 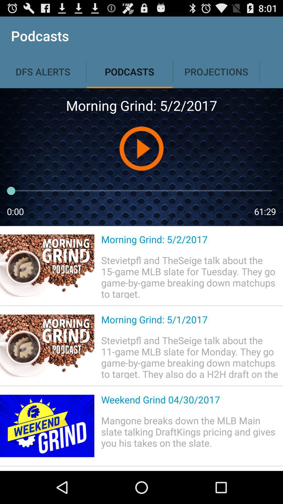 What do you see at coordinates (141, 159) in the screenshot?
I see `the play icon` at bounding box center [141, 159].